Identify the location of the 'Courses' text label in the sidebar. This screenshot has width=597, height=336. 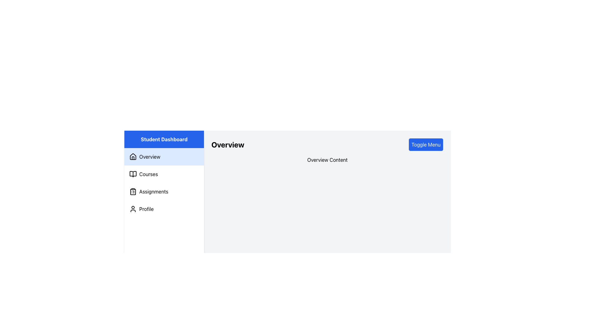
(148, 174).